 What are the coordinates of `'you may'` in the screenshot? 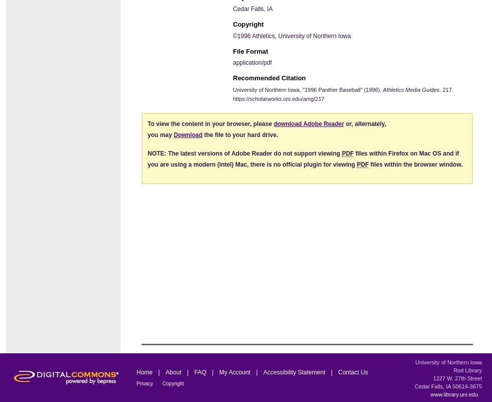 It's located at (148, 134).